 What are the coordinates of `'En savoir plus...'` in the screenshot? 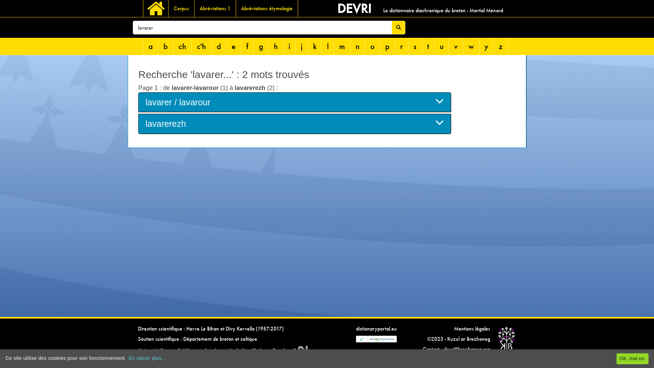 It's located at (147, 357).